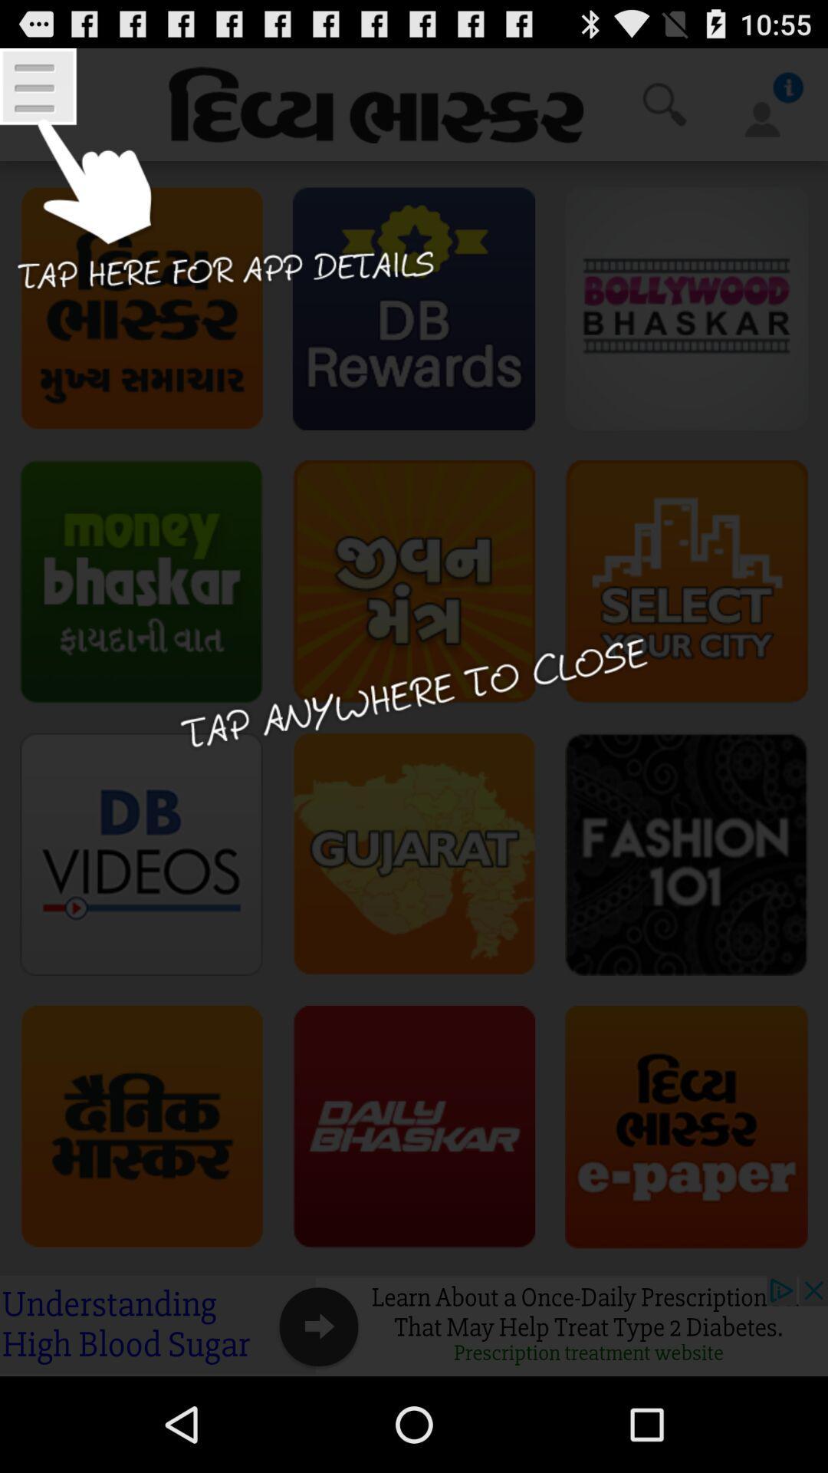 The height and width of the screenshot is (1473, 828). I want to click on tap anywhere to close, so click(414, 711).